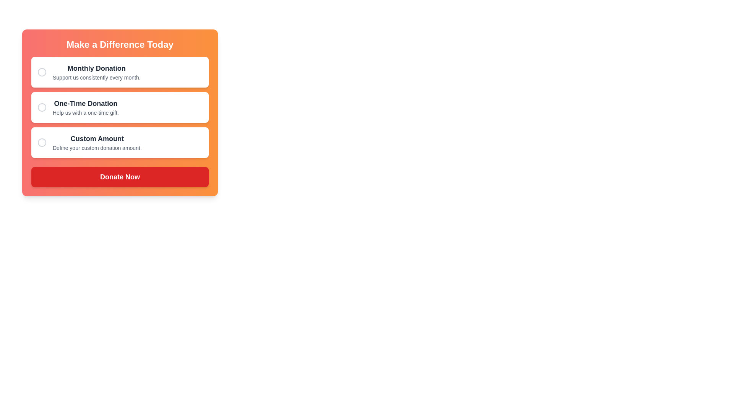 The image size is (734, 413). What do you see at coordinates (119, 112) in the screenshot?
I see `the interactive options in the panel titled 'Make a Difference Today'` at bounding box center [119, 112].